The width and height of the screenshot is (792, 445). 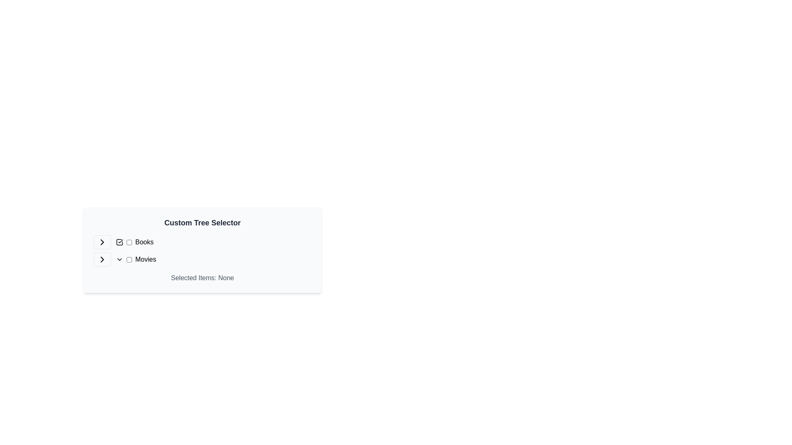 I want to click on the checkbox next to the 'Books' item in the Tree component to check/uncheck it, so click(x=202, y=251).